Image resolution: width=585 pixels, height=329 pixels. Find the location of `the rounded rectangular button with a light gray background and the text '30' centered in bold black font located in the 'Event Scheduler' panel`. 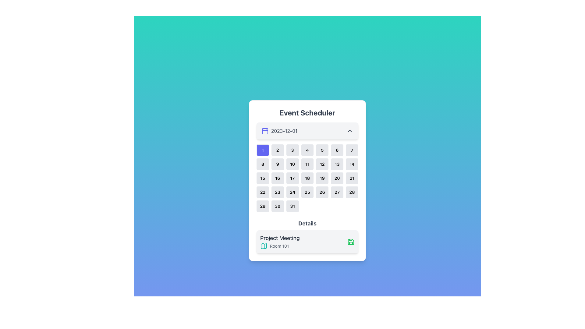

the rounded rectangular button with a light gray background and the text '30' centered in bold black font located in the 'Event Scheduler' panel is located at coordinates (277, 206).